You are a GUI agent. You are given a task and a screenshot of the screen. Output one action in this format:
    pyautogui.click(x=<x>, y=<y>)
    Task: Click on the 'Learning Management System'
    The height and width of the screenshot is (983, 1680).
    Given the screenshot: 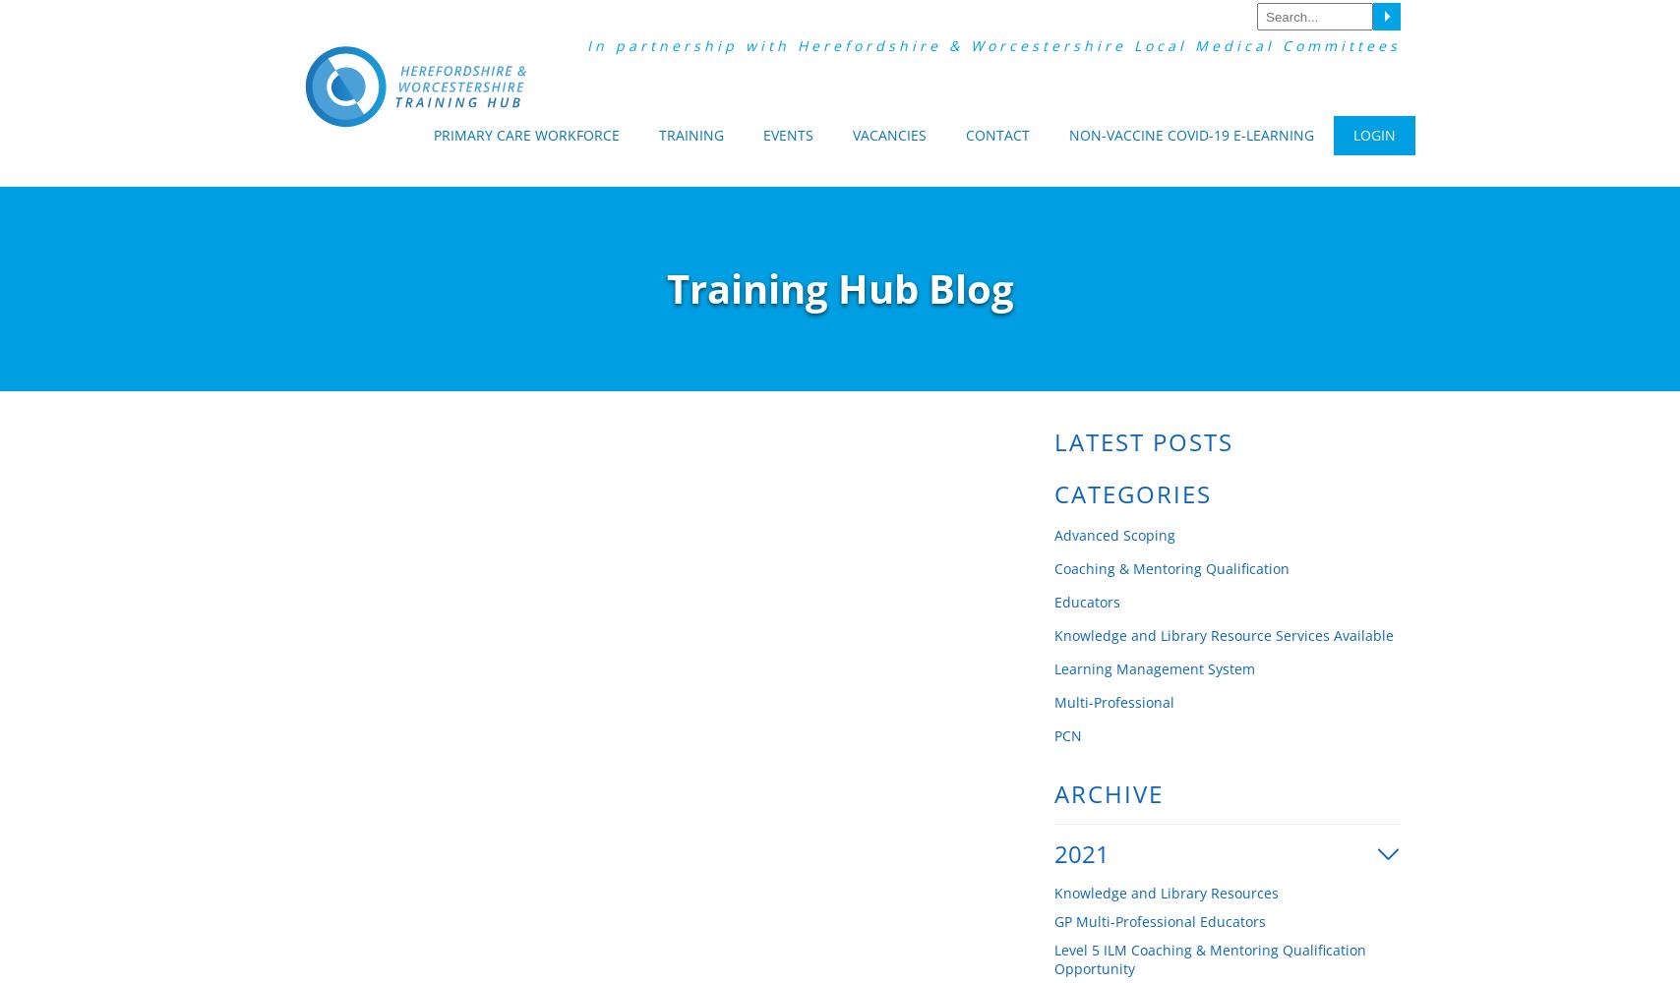 What is the action you would take?
    pyautogui.click(x=1155, y=668)
    